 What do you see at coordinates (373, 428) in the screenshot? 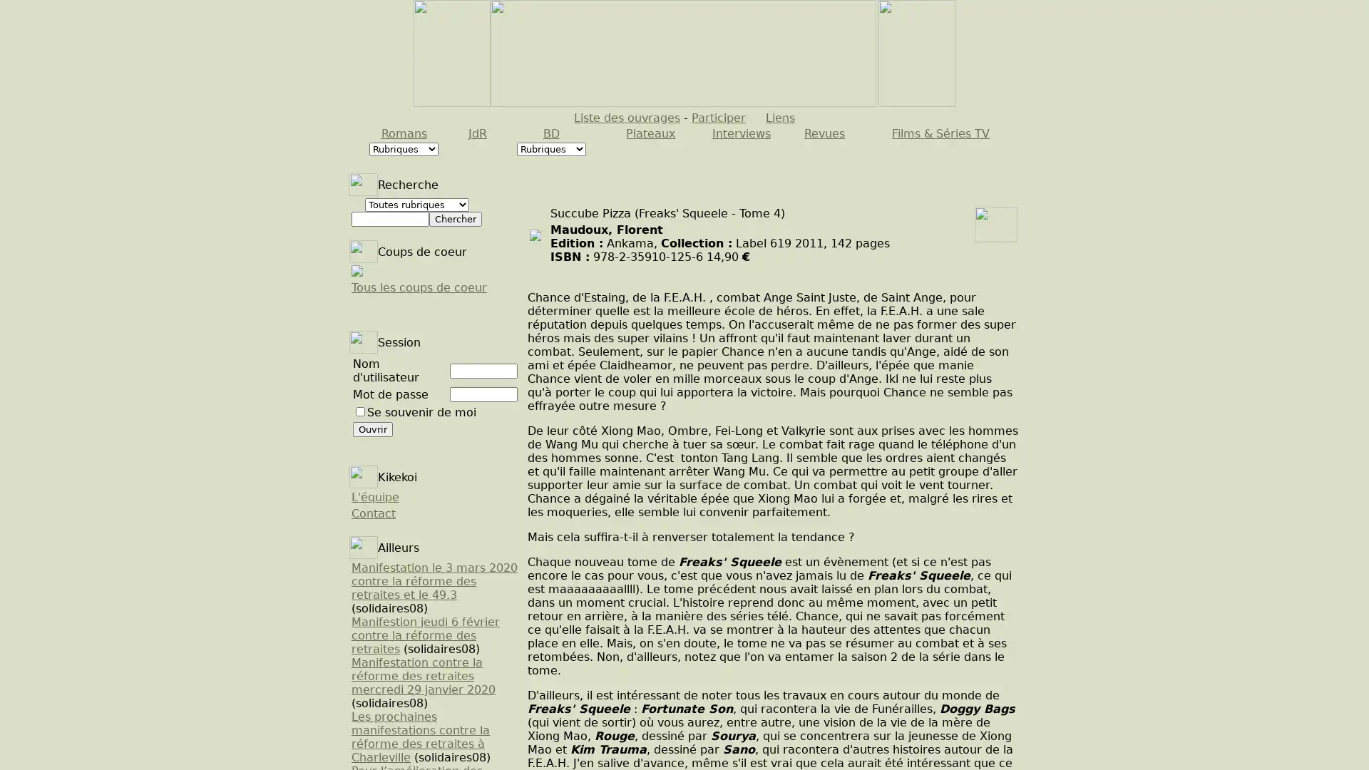
I see `Ouvrir` at bounding box center [373, 428].